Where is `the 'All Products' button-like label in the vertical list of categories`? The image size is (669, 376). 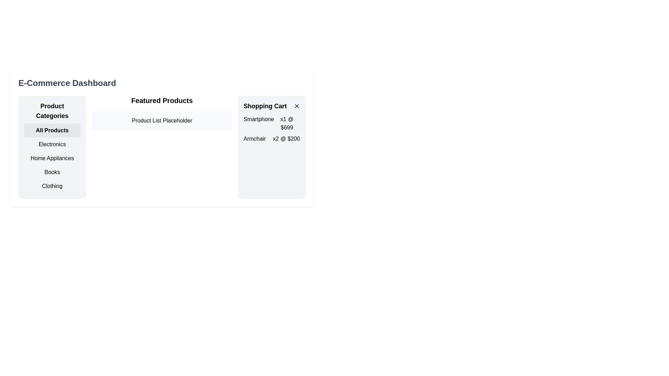 the 'All Products' button-like label in the vertical list of categories is located at coordinates (52, 130).